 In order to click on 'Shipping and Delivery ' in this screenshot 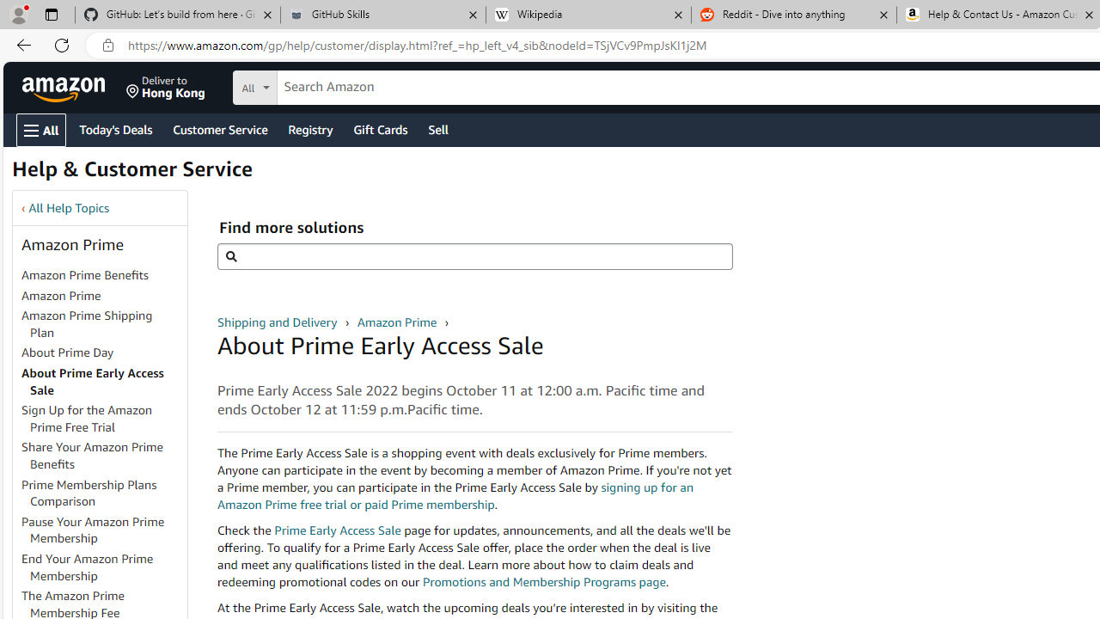, I will do `click(279, 322)`.